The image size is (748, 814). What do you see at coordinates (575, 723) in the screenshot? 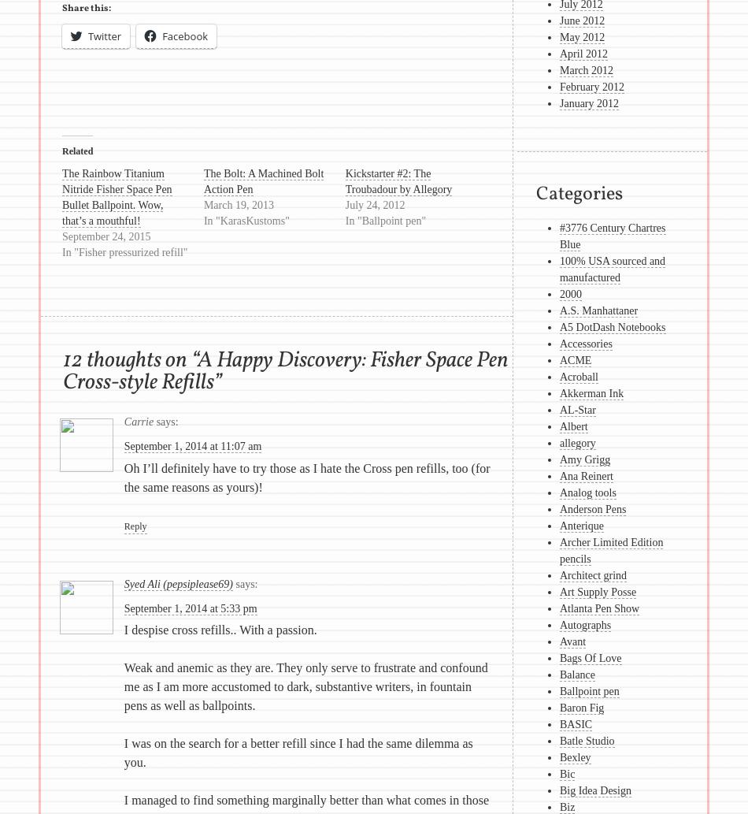
I see `'BASIC'` at bounding box center [575, 723].